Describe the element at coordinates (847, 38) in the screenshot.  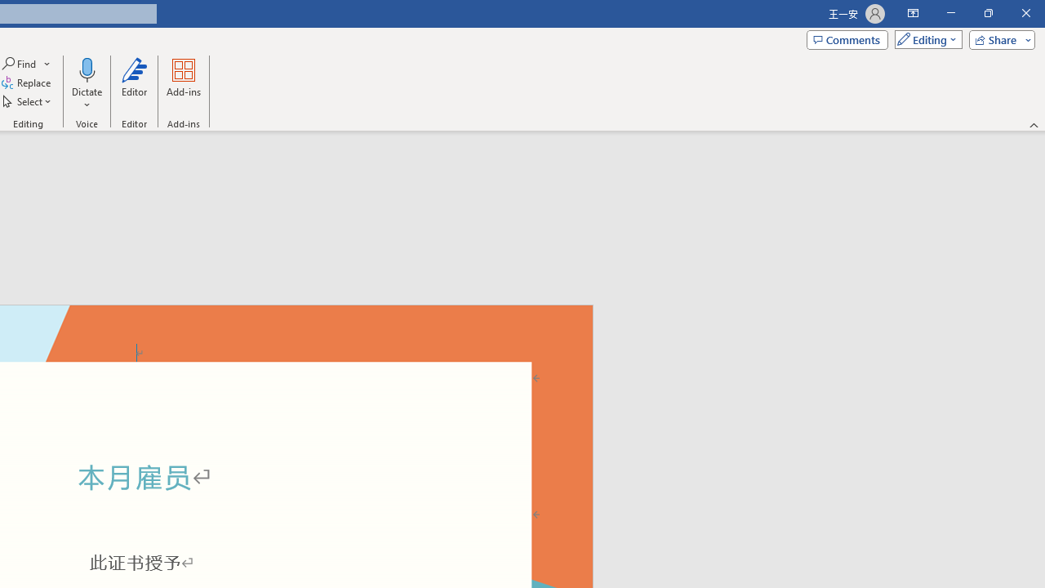
I see `'Comments'` at that location.